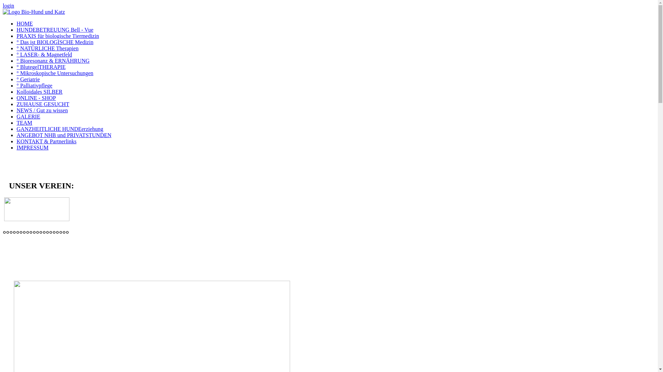  Describe the element at coordinates (42, 104) in the screenshot. I see `'ZUHAUSE GESUCHT'` at that location.